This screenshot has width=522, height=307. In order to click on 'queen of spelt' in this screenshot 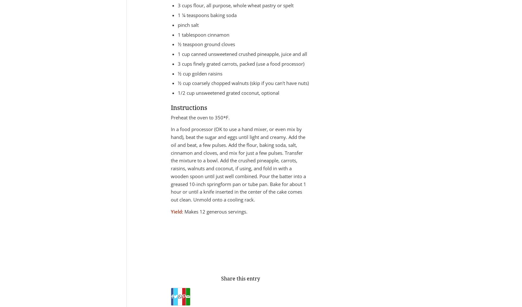, I will do `click(217, 254)`.